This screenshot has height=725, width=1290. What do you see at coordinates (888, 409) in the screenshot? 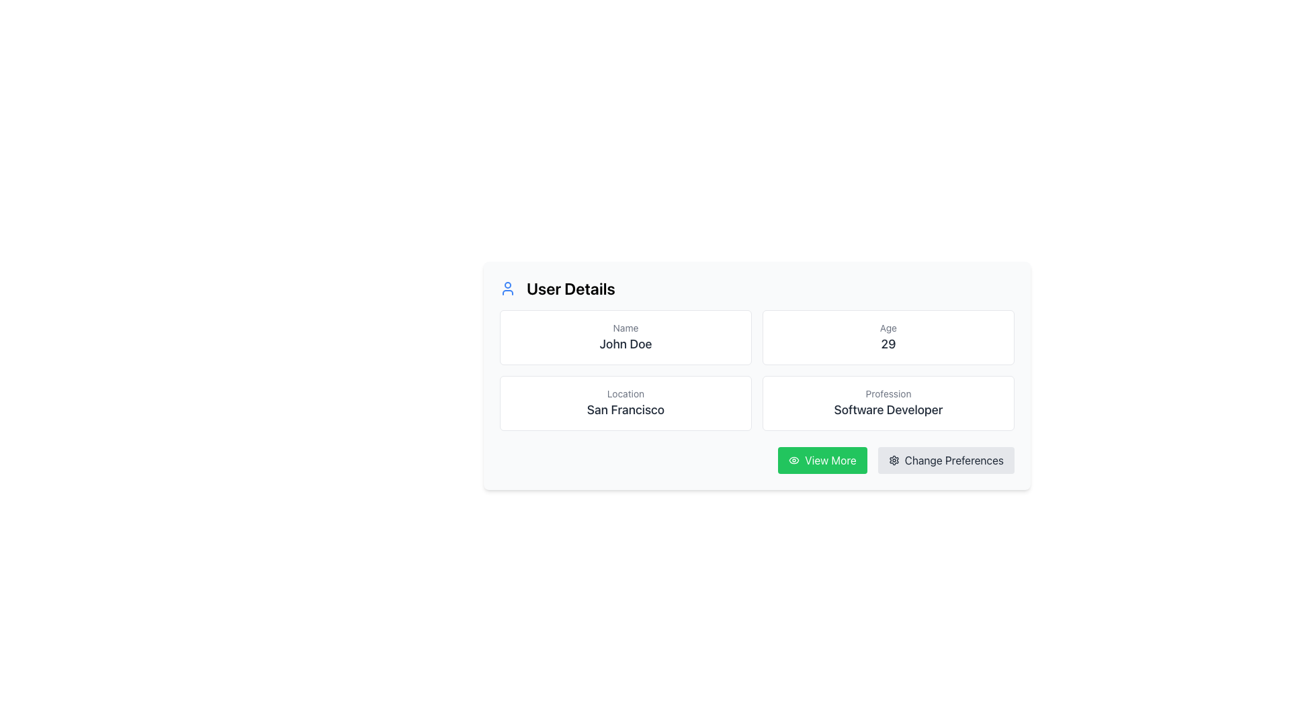
I see `the Label displaying the user's profession in the 'User Details' section, positioned below '29' and to the right of 'San Francisco'` at bounding box center [888, 409].